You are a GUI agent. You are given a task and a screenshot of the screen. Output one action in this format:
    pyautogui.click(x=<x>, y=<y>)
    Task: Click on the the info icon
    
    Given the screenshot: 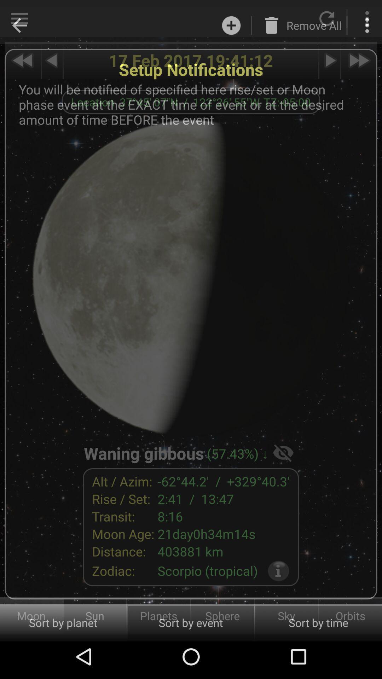 What is the action you would take?
    pyautogui.click(x=278, y=571)
    